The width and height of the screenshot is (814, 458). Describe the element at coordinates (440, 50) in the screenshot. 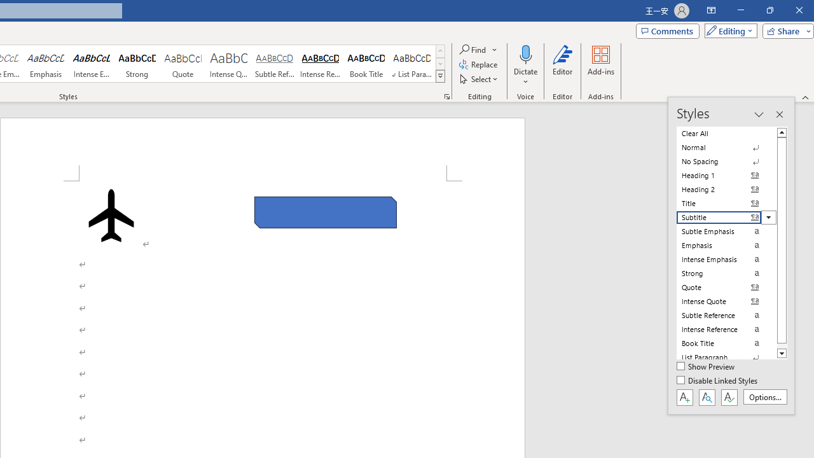

I see `'Row up'` at that location.